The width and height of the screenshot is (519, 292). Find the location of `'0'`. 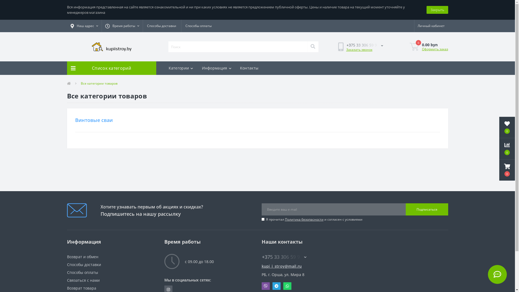

'0' is located at coordinates (507, 127).